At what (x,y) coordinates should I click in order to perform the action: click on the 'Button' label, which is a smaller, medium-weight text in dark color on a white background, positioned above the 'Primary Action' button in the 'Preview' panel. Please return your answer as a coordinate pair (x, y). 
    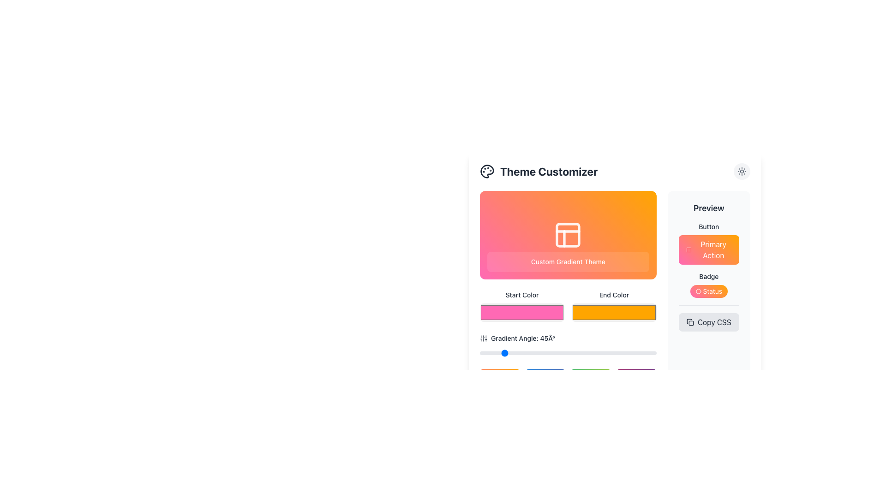
    Looking at the image, I should click on (708, 227).